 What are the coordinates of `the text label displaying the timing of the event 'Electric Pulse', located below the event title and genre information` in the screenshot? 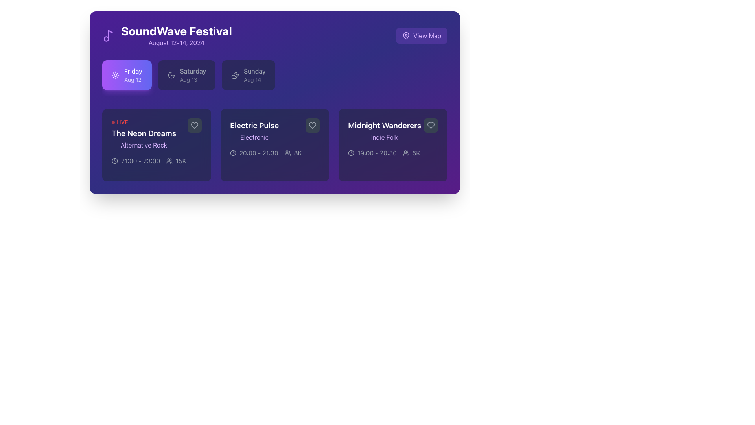 It's located at (259, 153).